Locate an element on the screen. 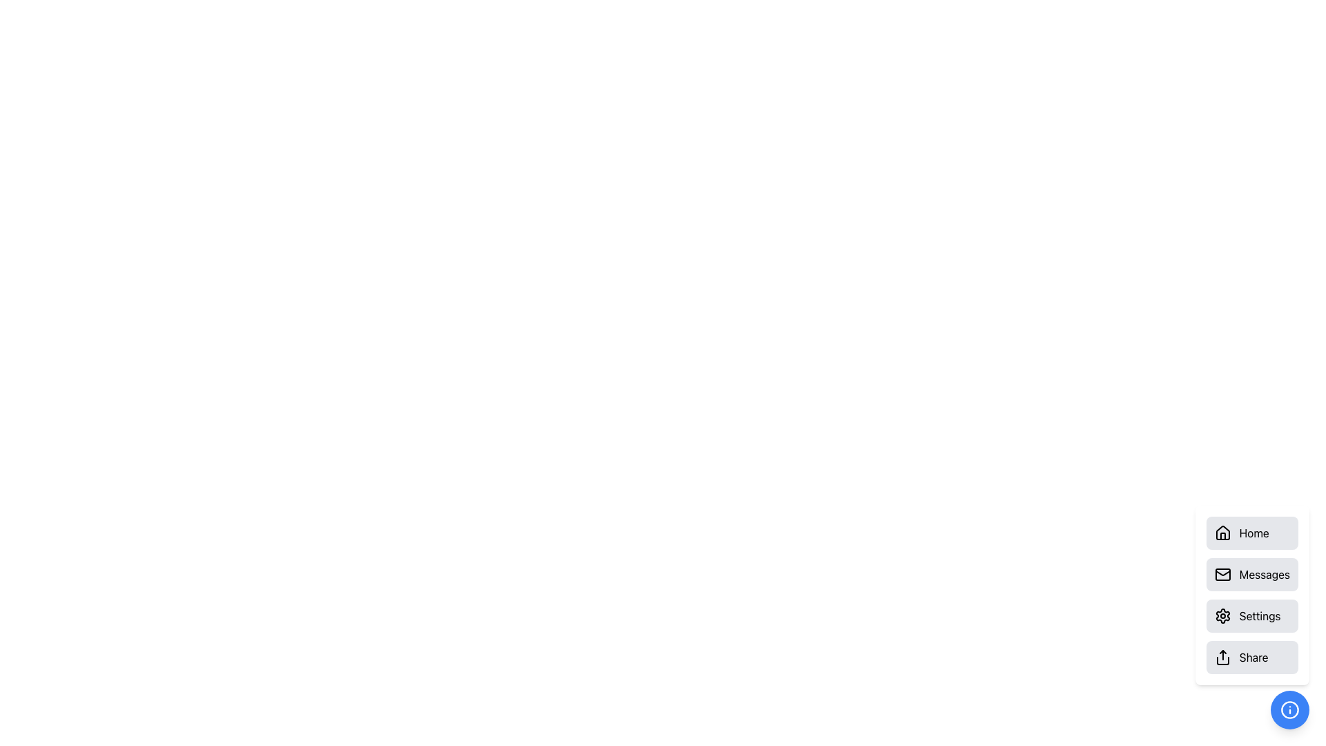  text from the 'Home' label, which is styled with a sans-serif font and located within the first item of a vertical list of menu options, to the right of a house icon is located at coordinates (1254, 532).